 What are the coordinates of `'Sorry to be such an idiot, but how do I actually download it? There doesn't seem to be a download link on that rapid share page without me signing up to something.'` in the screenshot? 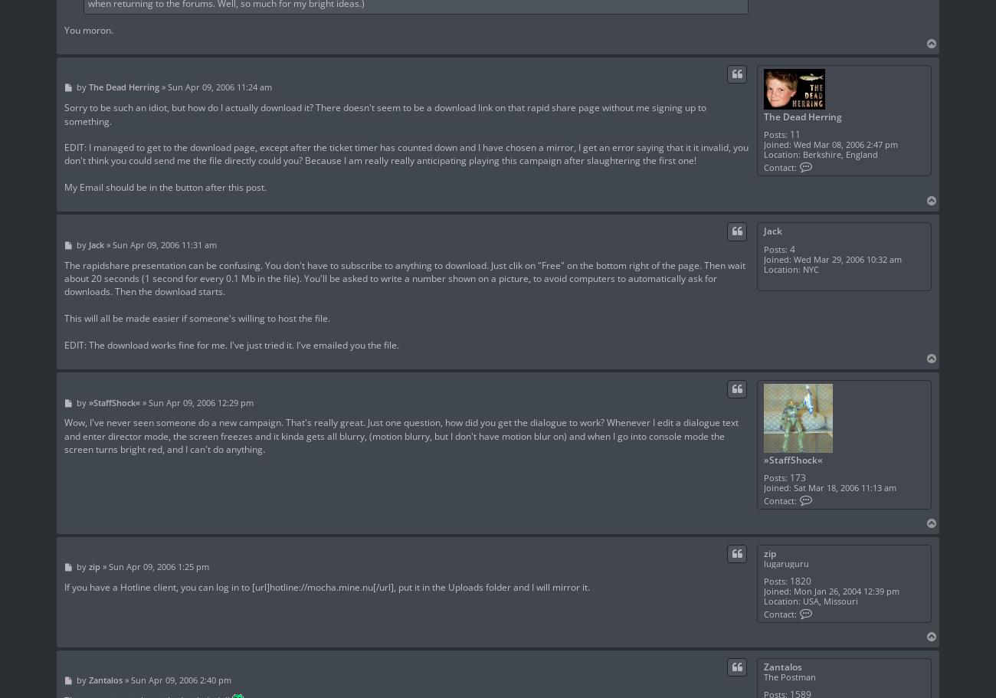 It's located at (64, 114).